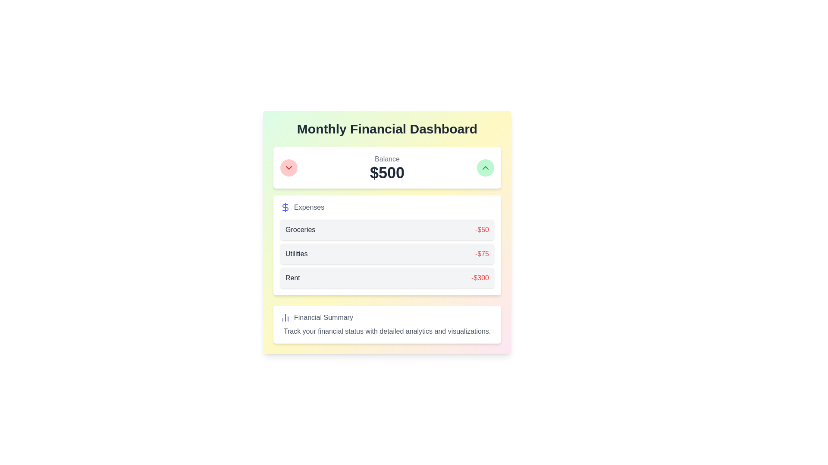 This screenshot has width=828, height=465. I want to click on the red downward chevron icon that indicates an expandable or collapsible section related to the balance information, so click(289, 167).